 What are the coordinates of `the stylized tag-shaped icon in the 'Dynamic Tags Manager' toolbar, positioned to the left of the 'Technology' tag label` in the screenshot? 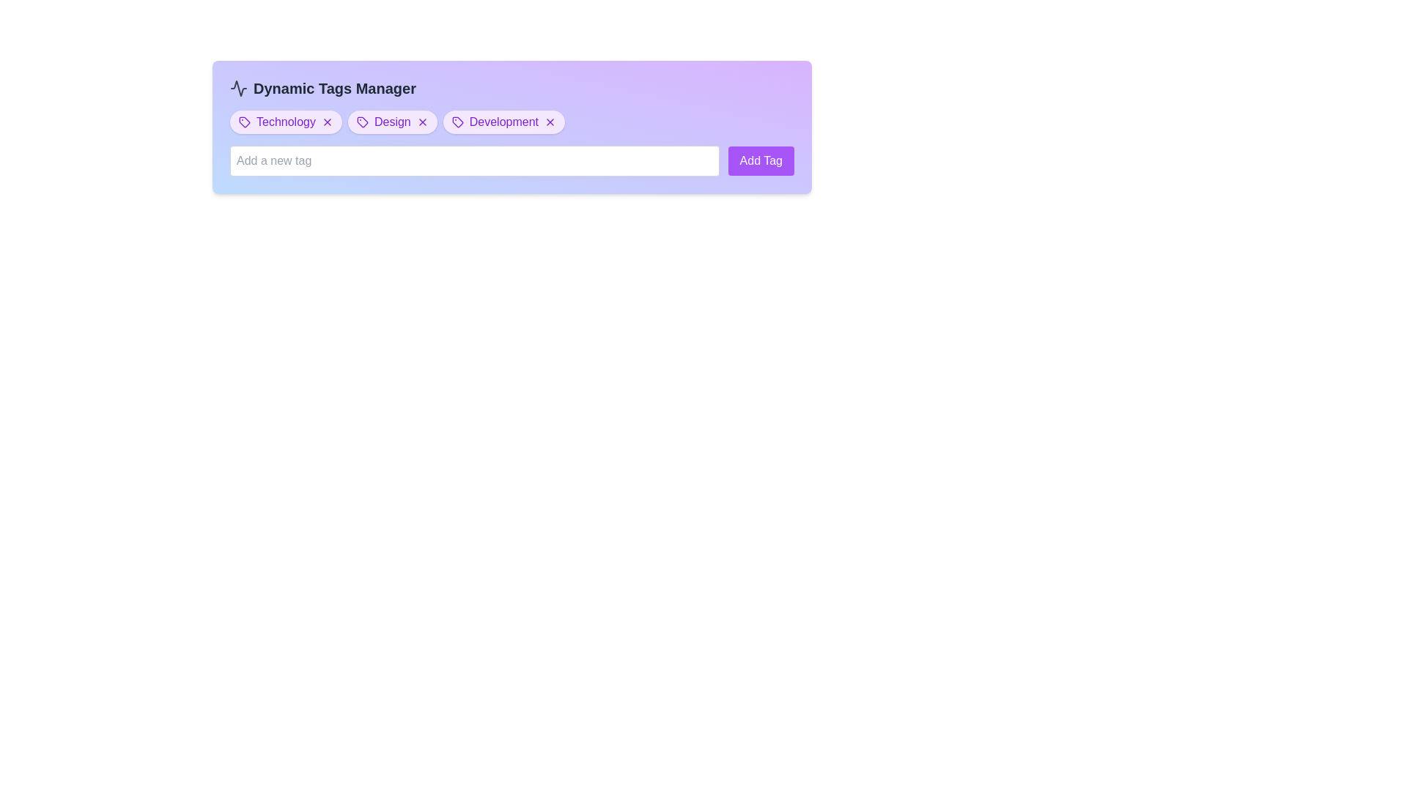 It's located at (245, 121).